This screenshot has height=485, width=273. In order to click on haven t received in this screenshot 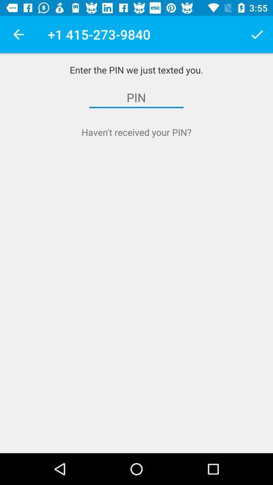, I will do `click(136, 131)`.